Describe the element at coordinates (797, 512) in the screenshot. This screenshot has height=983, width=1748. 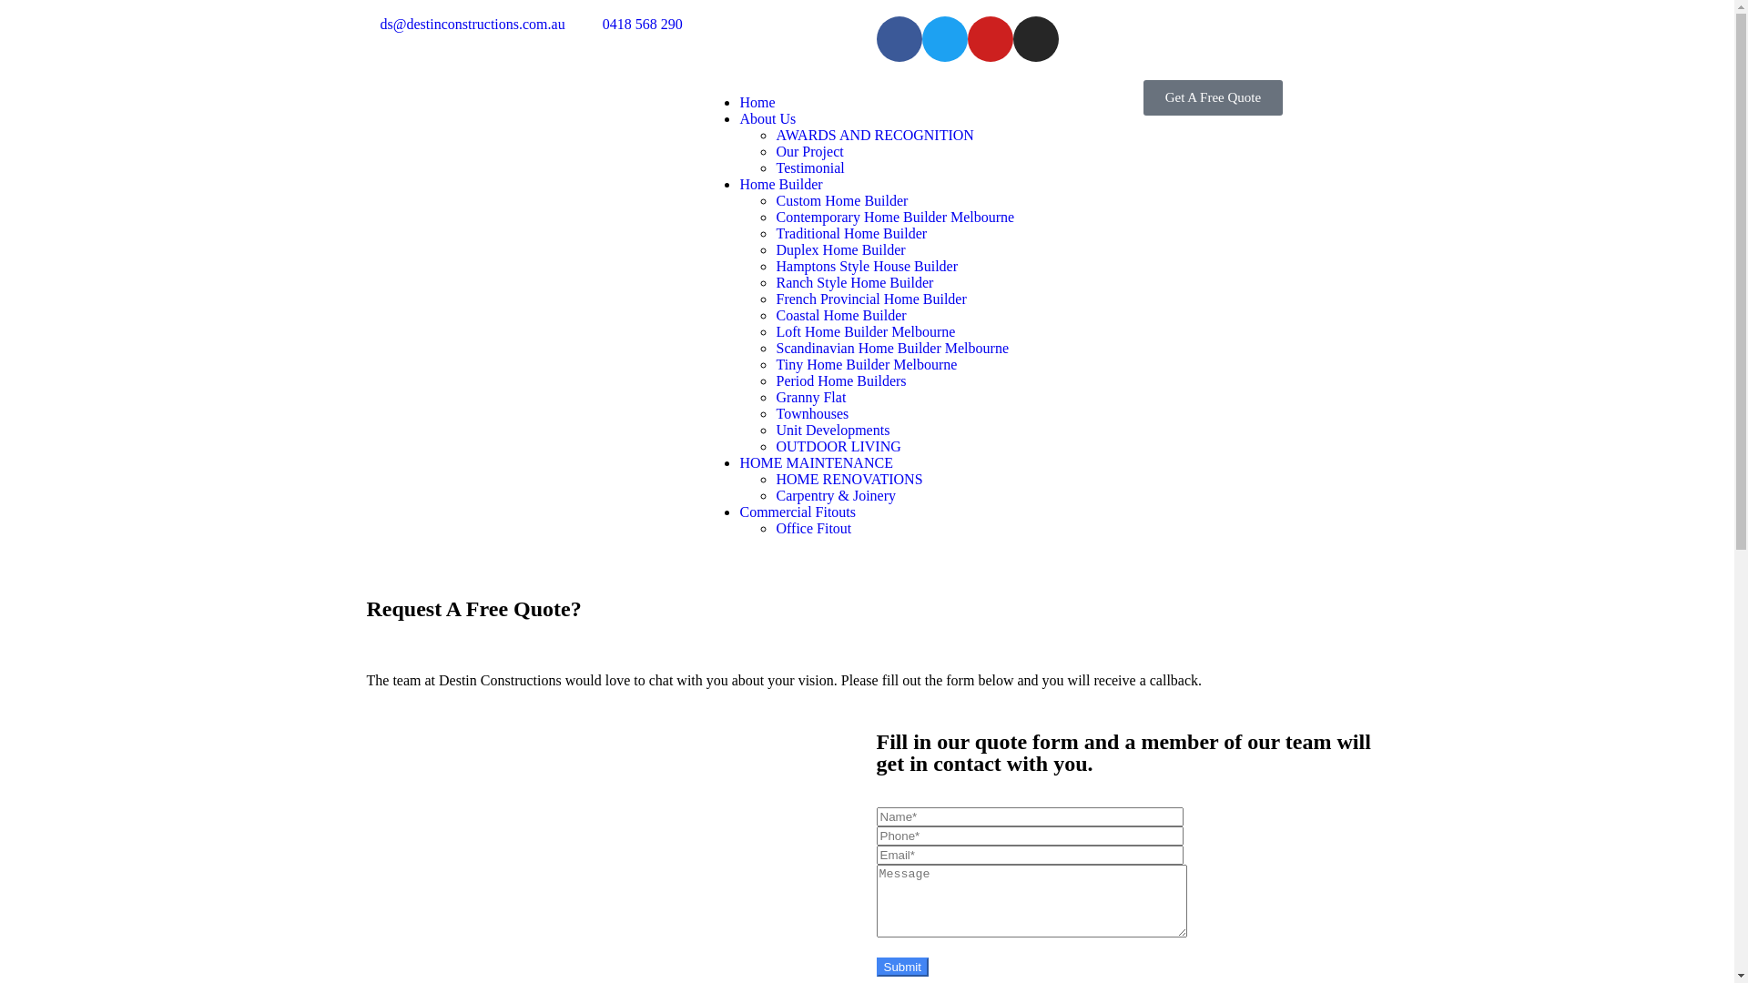
I see `'Commercial Fitouts'` at that location.